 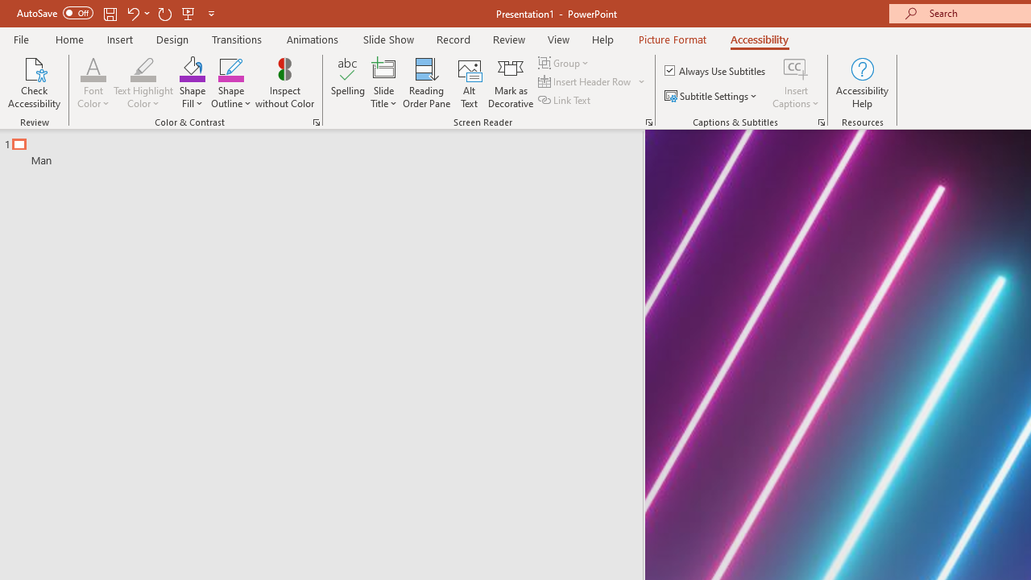 I want to click on 'Quick Access Toolbar', so click(x=116, y=13).